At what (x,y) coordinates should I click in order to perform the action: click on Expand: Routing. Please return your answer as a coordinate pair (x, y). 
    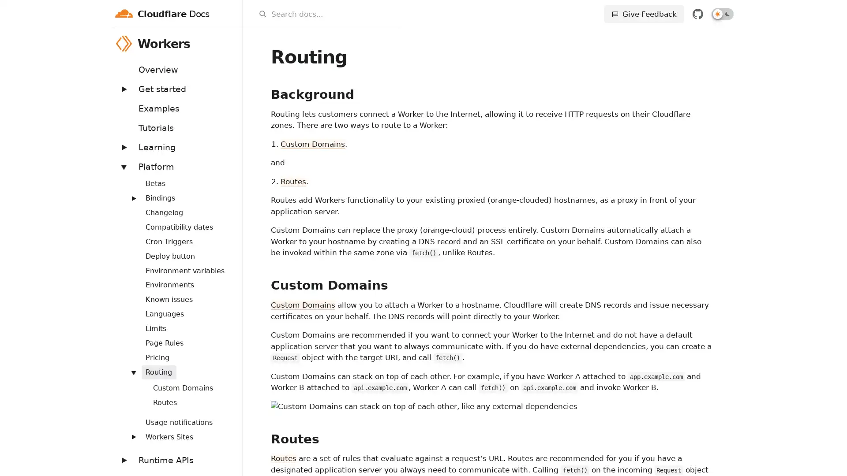
    Looking at the image, I should click on (133, 372).